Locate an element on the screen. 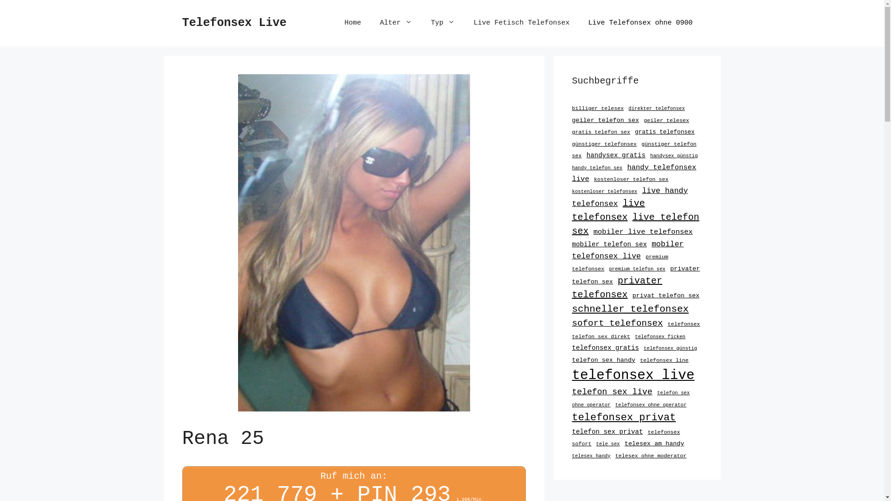  'billiger telesex' is located at coordinates (597, 108).